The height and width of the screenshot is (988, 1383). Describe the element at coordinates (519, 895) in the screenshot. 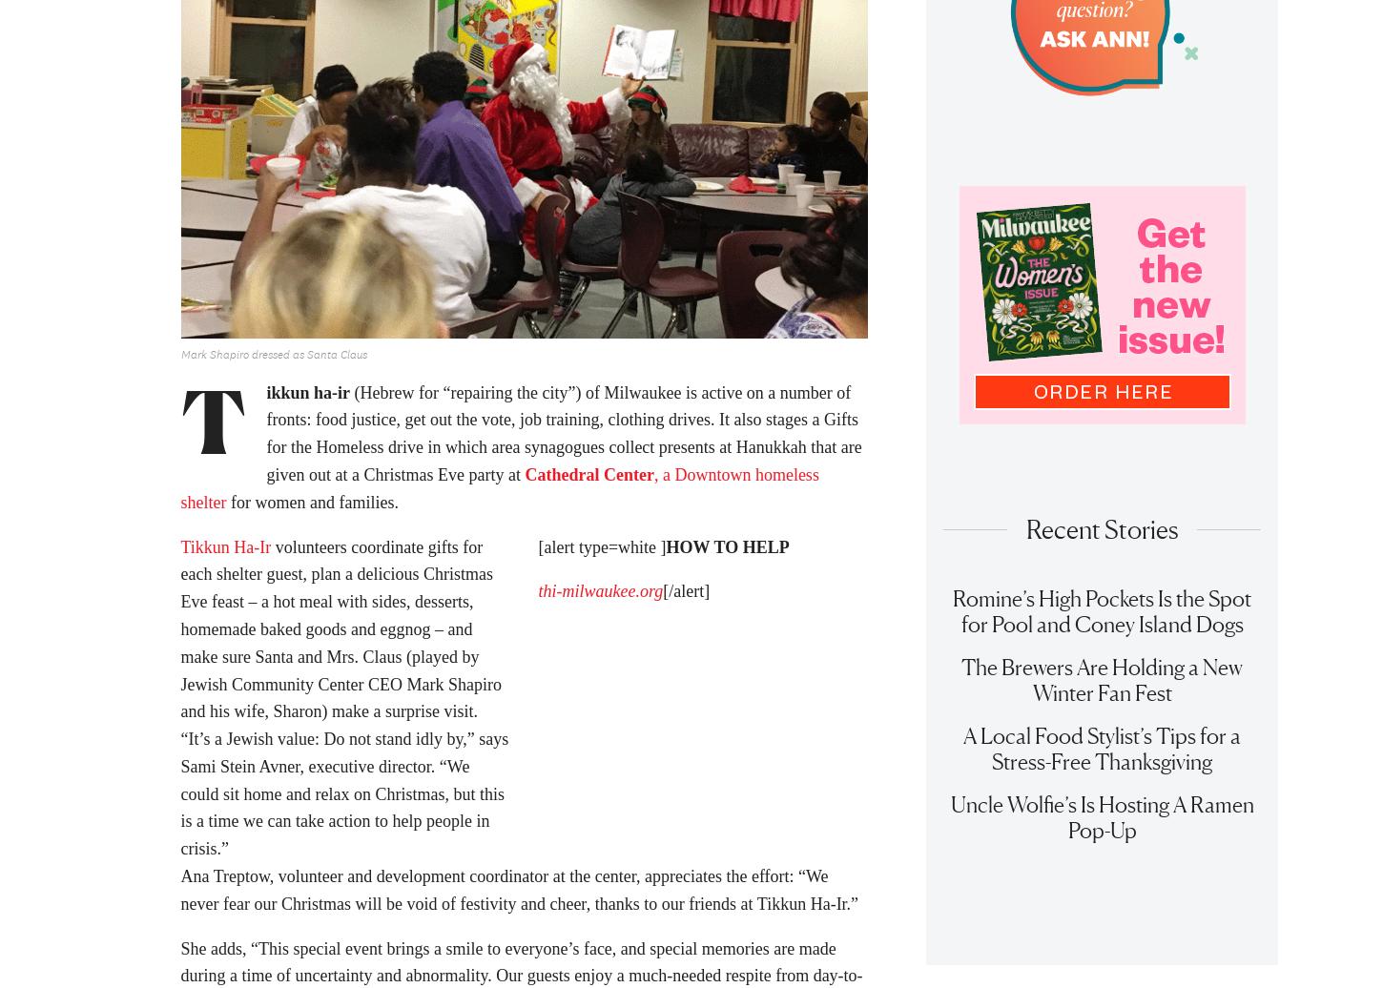

I see `'Ana Treptow, volunteer and development coordinator at the center, appreciates the effort: “We never fear our Christmas will be void of festivity and cheer, thanks to our friends at Tikkun Ha-Ir.”'` at that location.